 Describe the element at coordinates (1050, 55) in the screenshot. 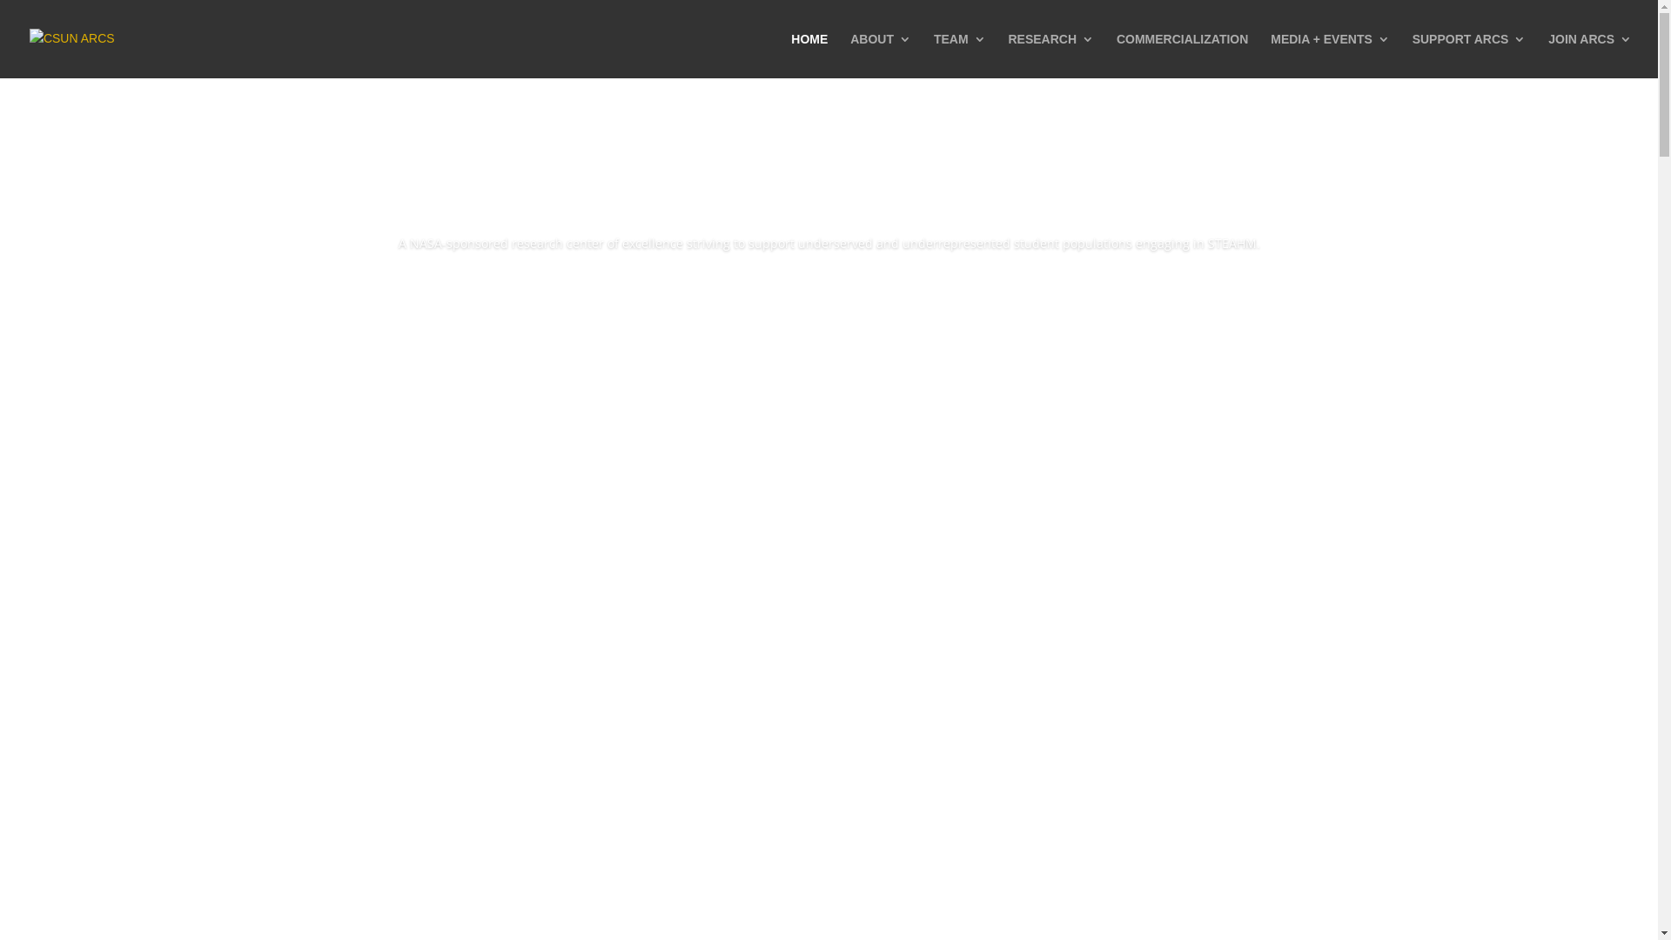

I see `'RESEARCH'` at that location.